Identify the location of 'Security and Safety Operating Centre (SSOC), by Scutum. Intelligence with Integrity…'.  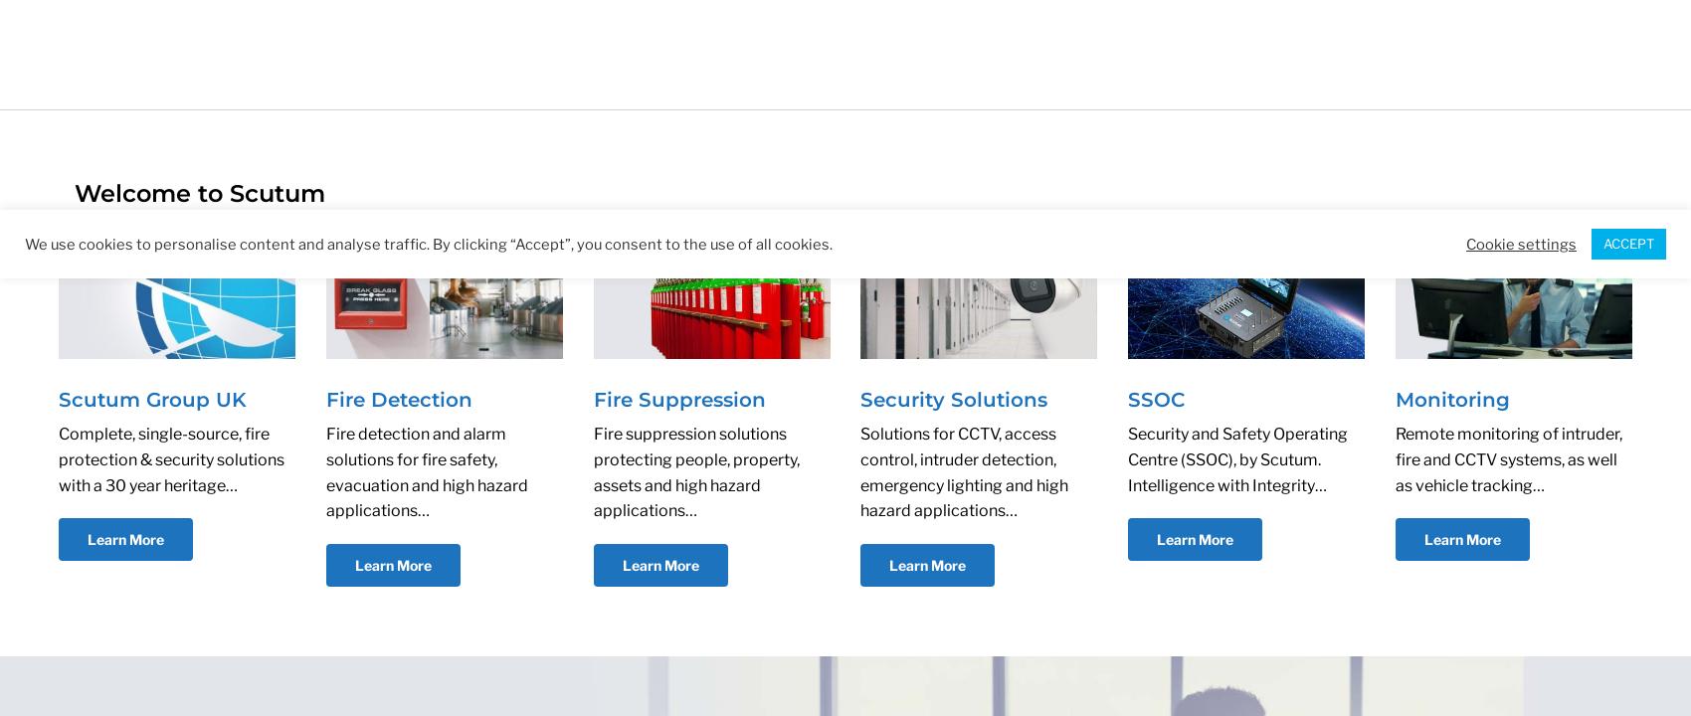
(1236, 459).